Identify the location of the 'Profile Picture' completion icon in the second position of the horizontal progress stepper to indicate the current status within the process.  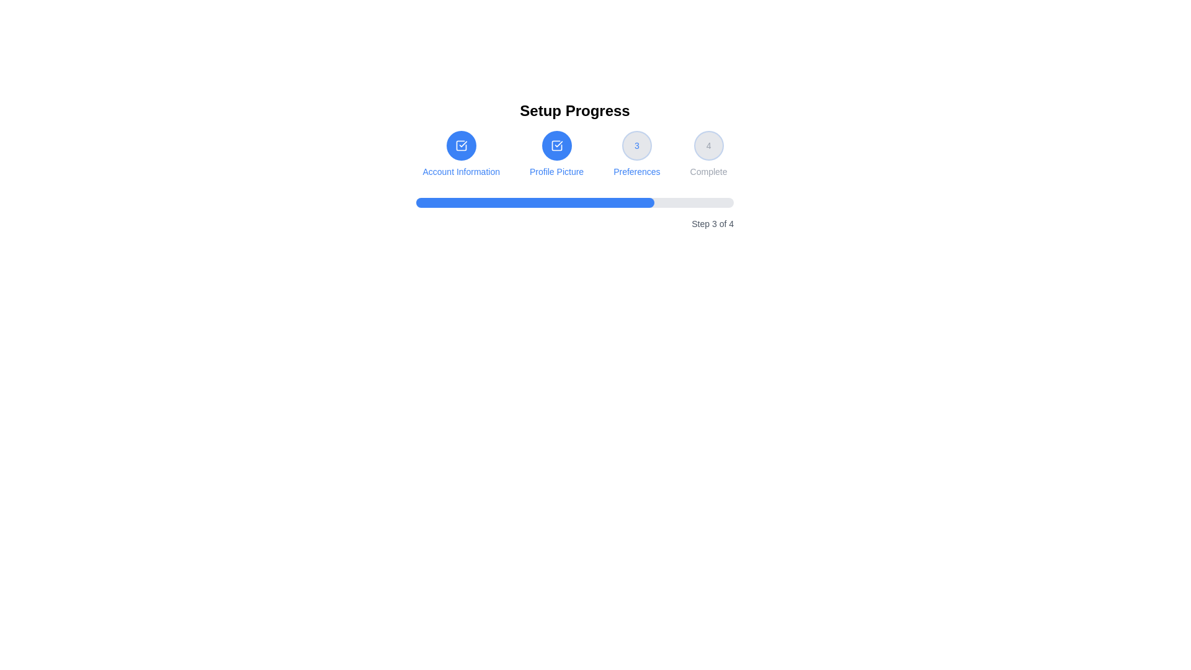
(556, 145).